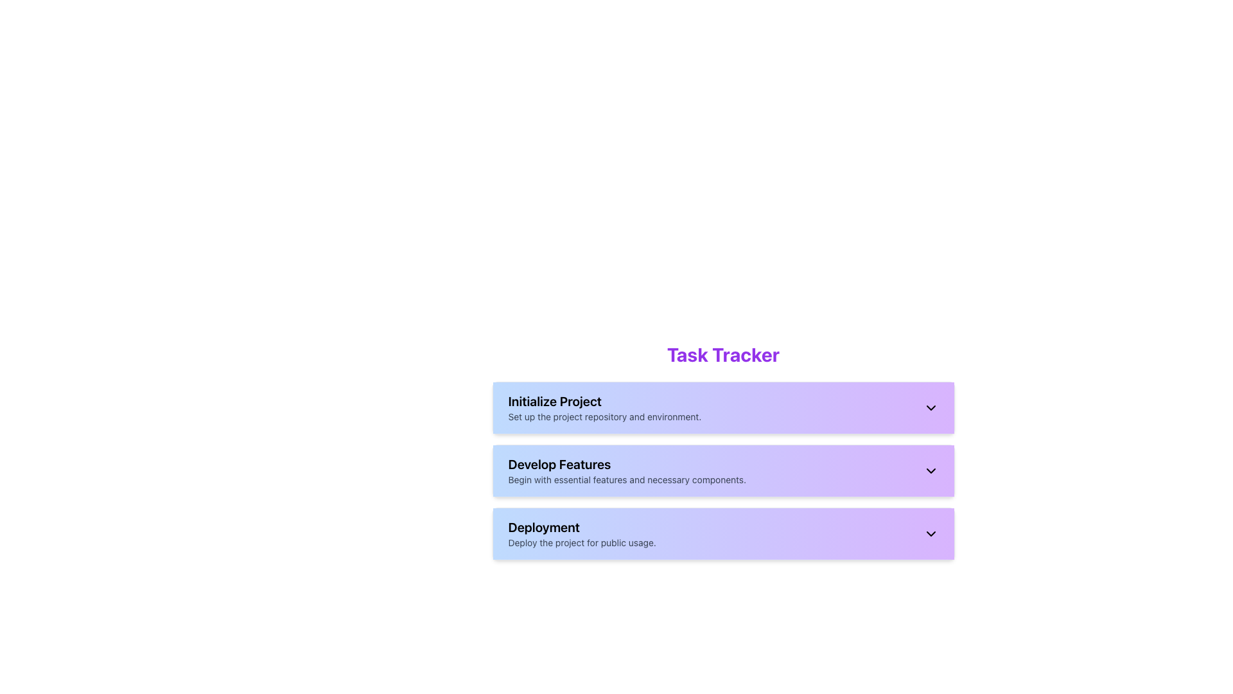 The height and width of the screenshot is (694, 1233). Describe the element at coordinates (723, 470) in the screenshot. I see `the chevron-down icon on the 'Develop Features' collapsible panel` at that location.